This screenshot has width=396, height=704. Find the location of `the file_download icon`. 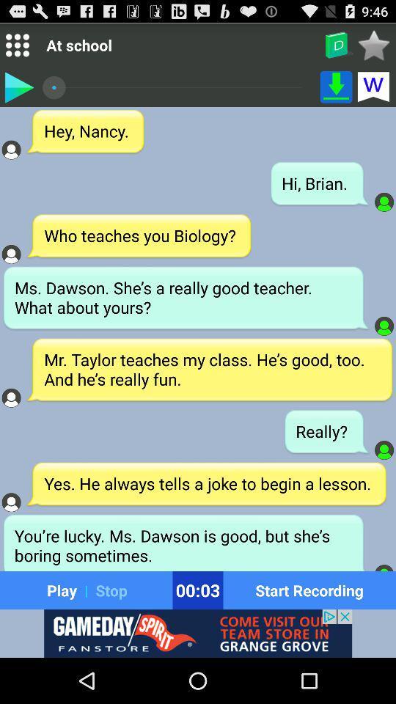

the file_download icon is located at coordinates (336, 92).